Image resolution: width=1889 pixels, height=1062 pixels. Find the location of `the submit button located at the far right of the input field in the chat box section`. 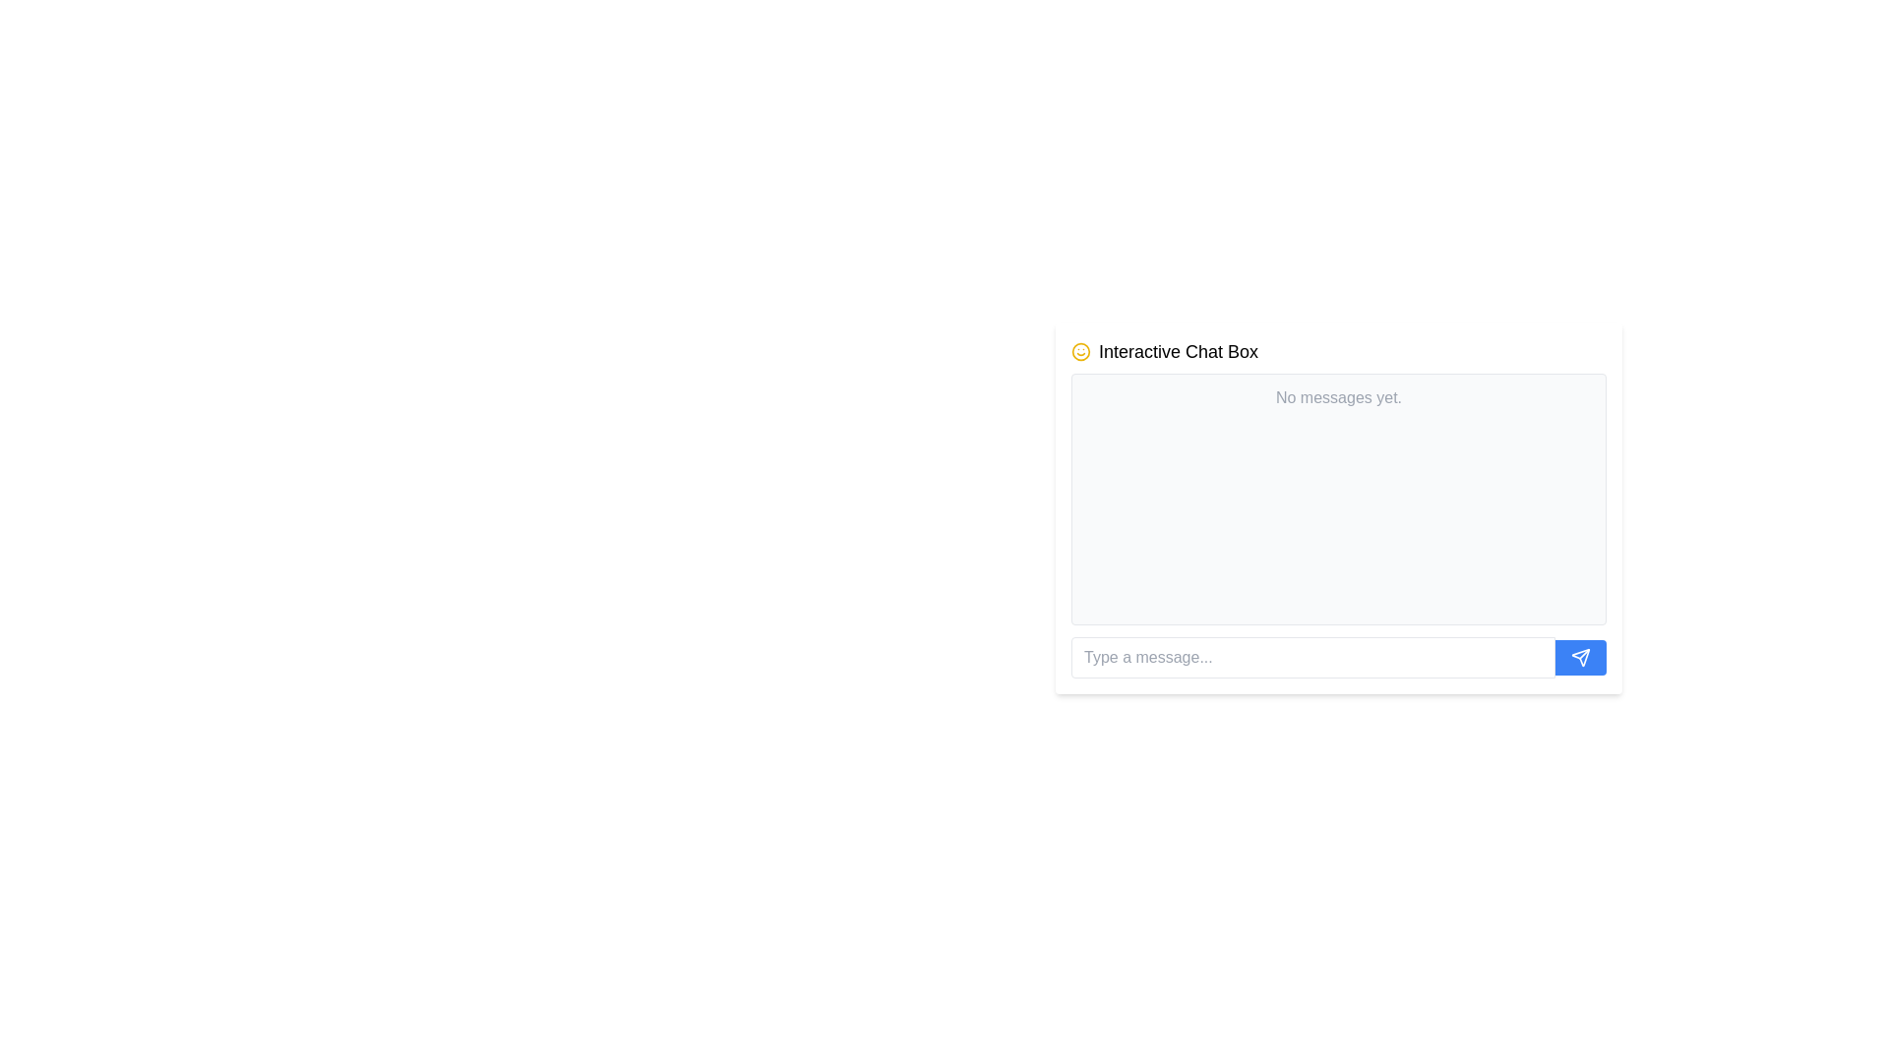

the submit button located at the far right of the input field in the chat box section is located at coordinates (1581, 657).